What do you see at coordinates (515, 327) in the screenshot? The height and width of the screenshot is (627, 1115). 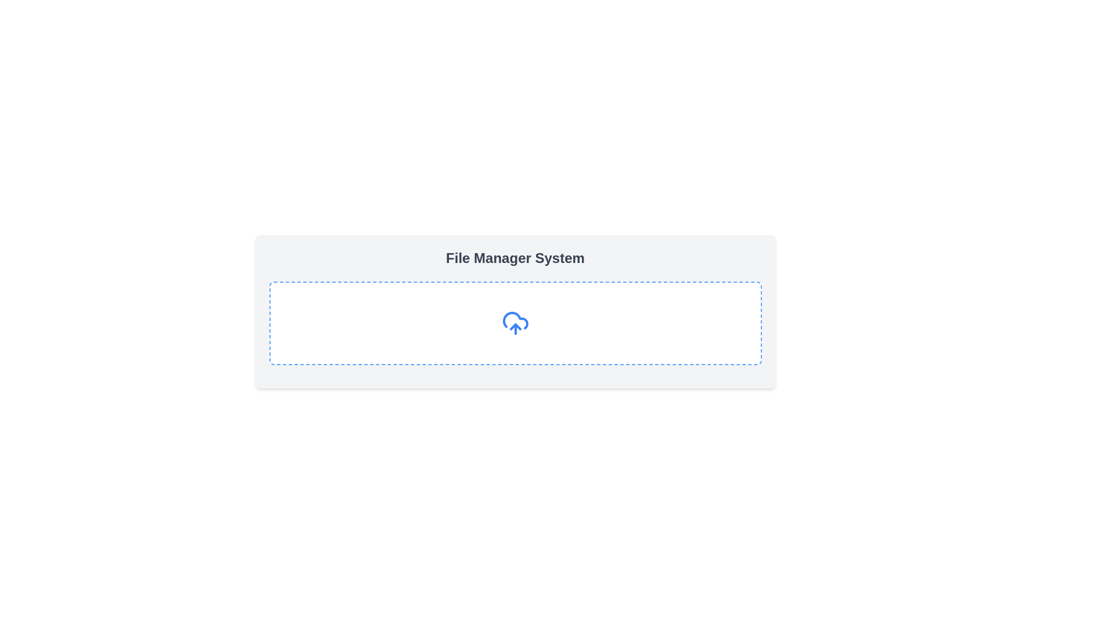 I see `the blue upward arrow within the cloud icon, which represents the upload operation in the 'File Manager System' section` at bounding box center [515, 327].